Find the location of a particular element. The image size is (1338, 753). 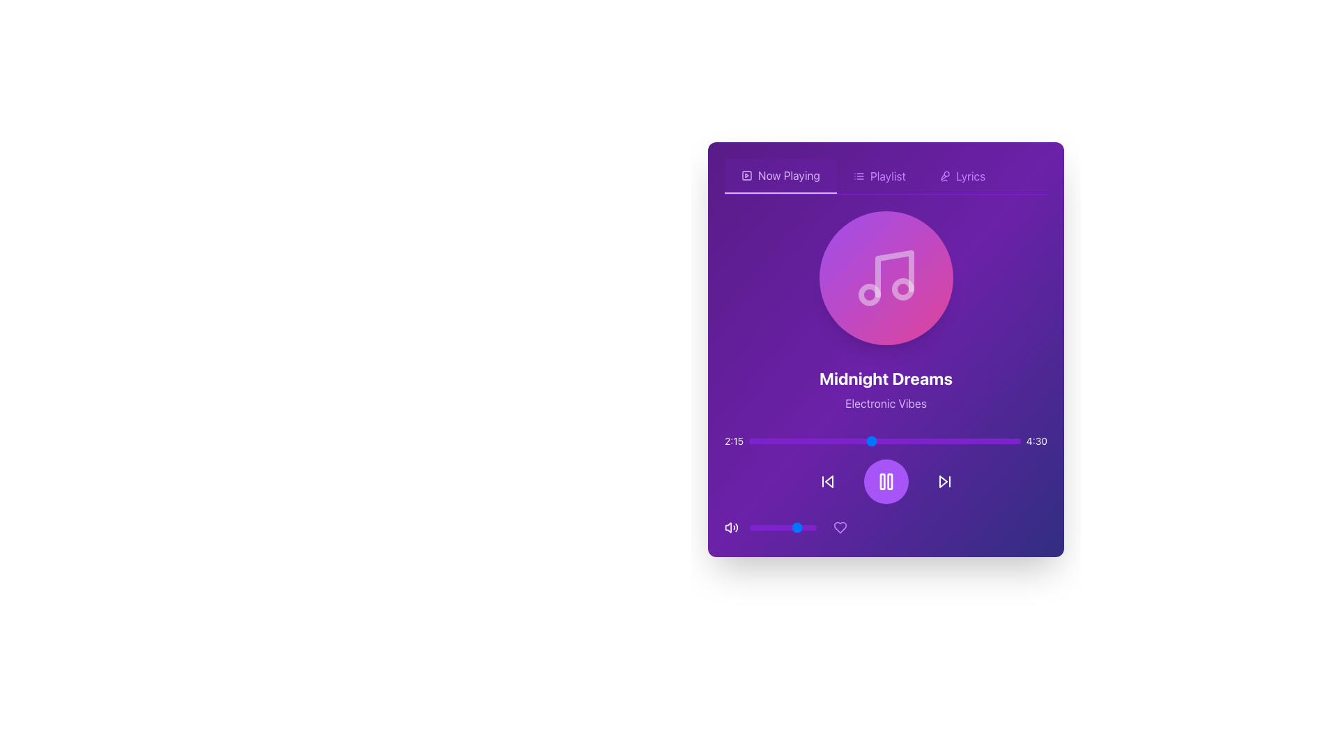

the circular purple button containing a pause icon located at the bottom of the interface is located at coordinates (885, 486).